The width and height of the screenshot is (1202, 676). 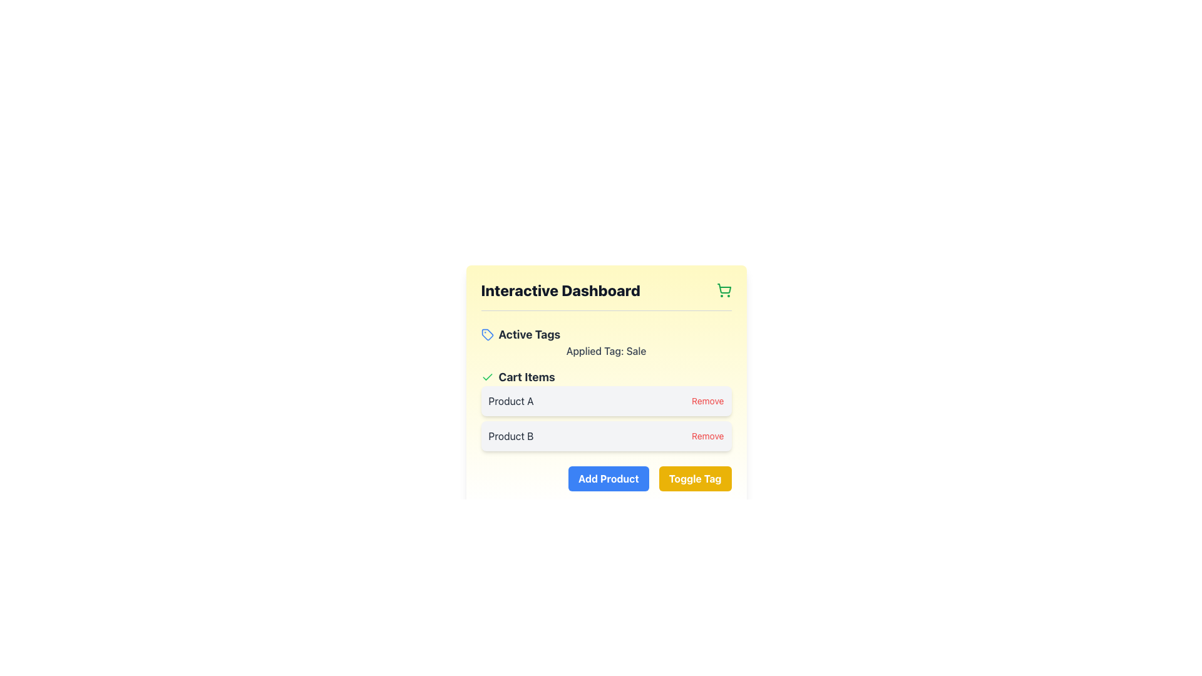 What do you see at coordinates (694, 478) in the screenshot?
I see `the bright yellow 'Toggle Tag' button with rounded corners located next to the blue 'Add Product' button` at bounding box center [694, 478].